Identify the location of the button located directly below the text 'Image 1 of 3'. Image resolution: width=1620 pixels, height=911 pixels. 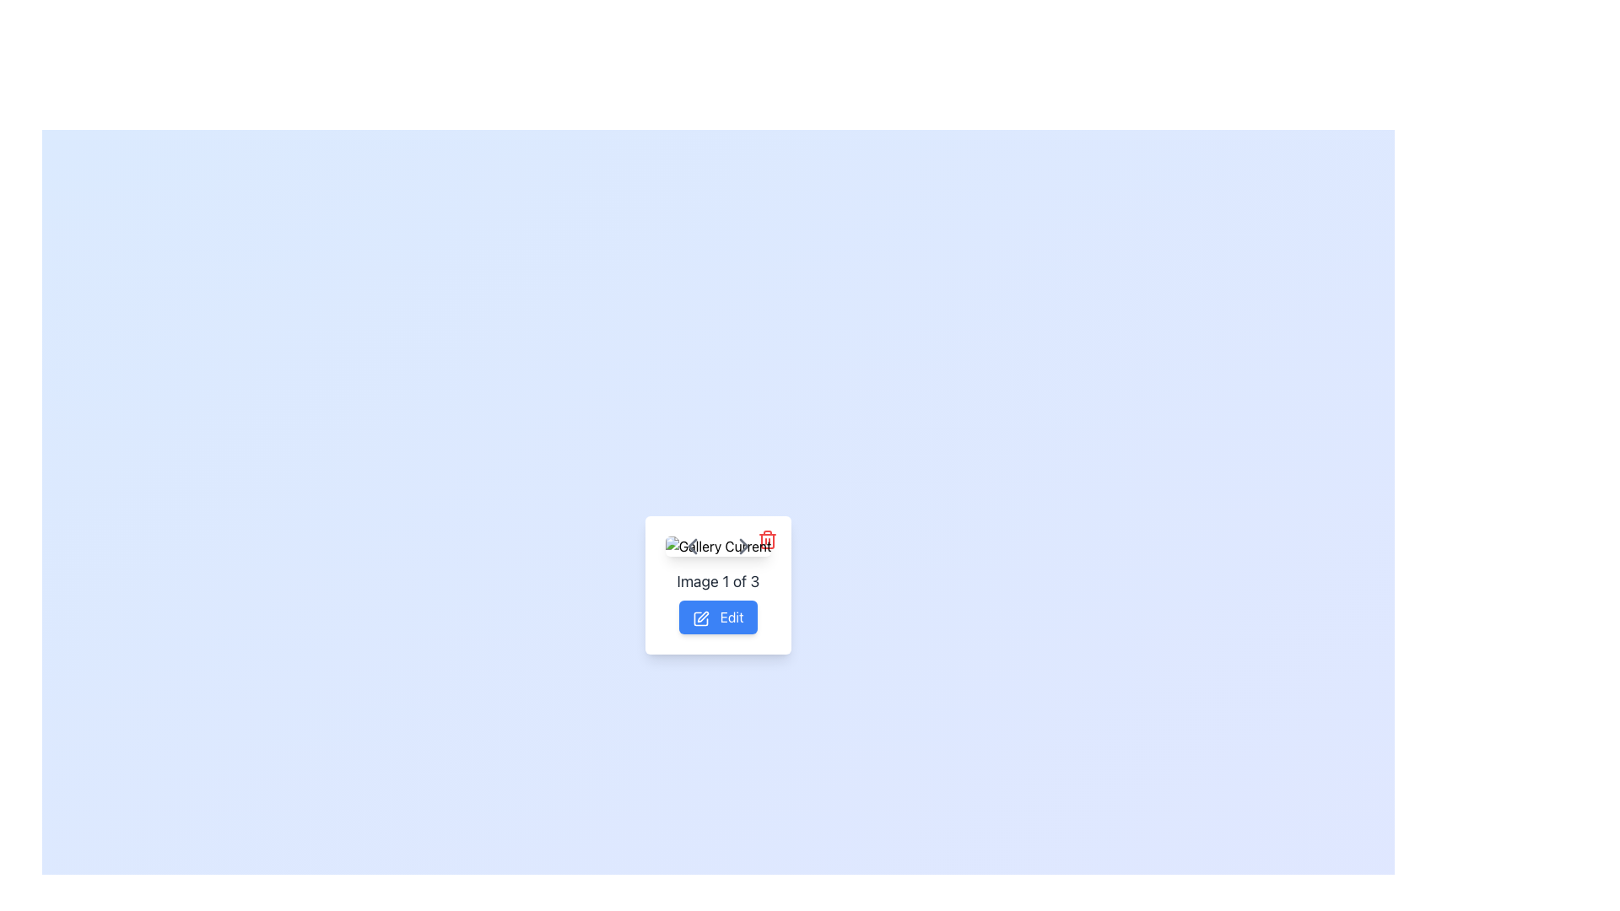
(718, 601).